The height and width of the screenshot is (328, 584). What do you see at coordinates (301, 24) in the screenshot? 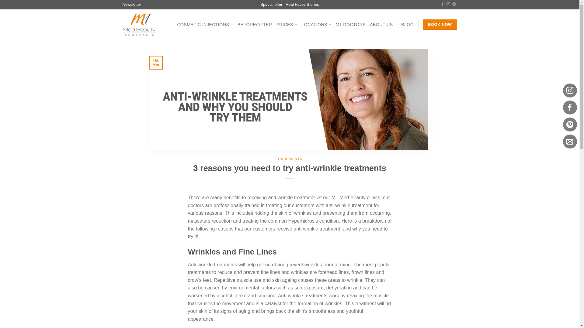
I see `'LOCATIONS'` at bounding box center [301, 24].